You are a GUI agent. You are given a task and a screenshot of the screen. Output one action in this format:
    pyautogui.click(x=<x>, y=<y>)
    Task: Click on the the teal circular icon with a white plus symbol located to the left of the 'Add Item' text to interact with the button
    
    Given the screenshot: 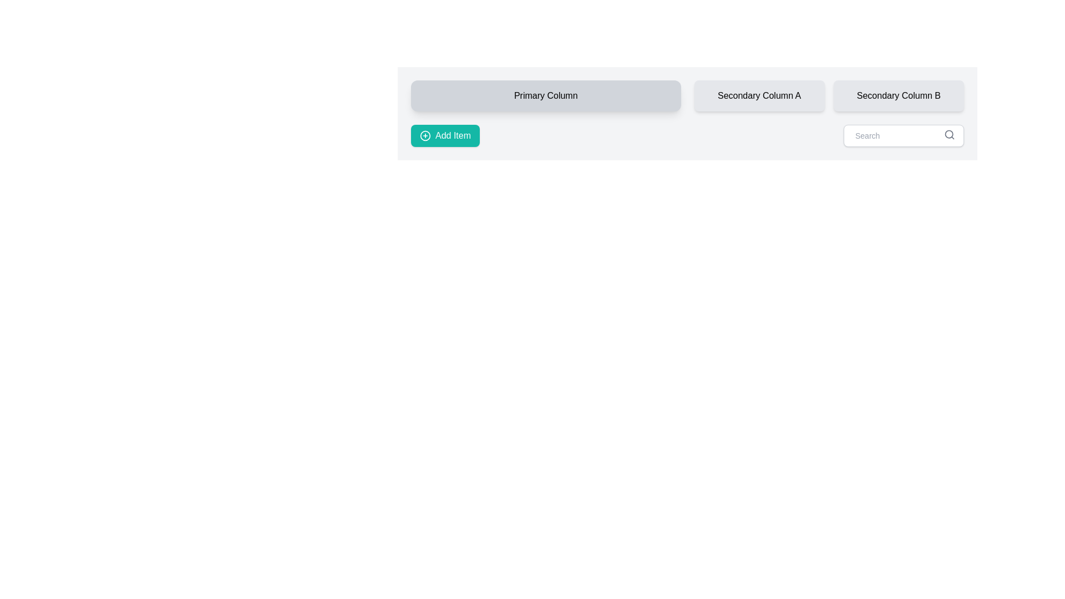 What is the action you would take?
    pyautogui.click(x=425, y=135)
    